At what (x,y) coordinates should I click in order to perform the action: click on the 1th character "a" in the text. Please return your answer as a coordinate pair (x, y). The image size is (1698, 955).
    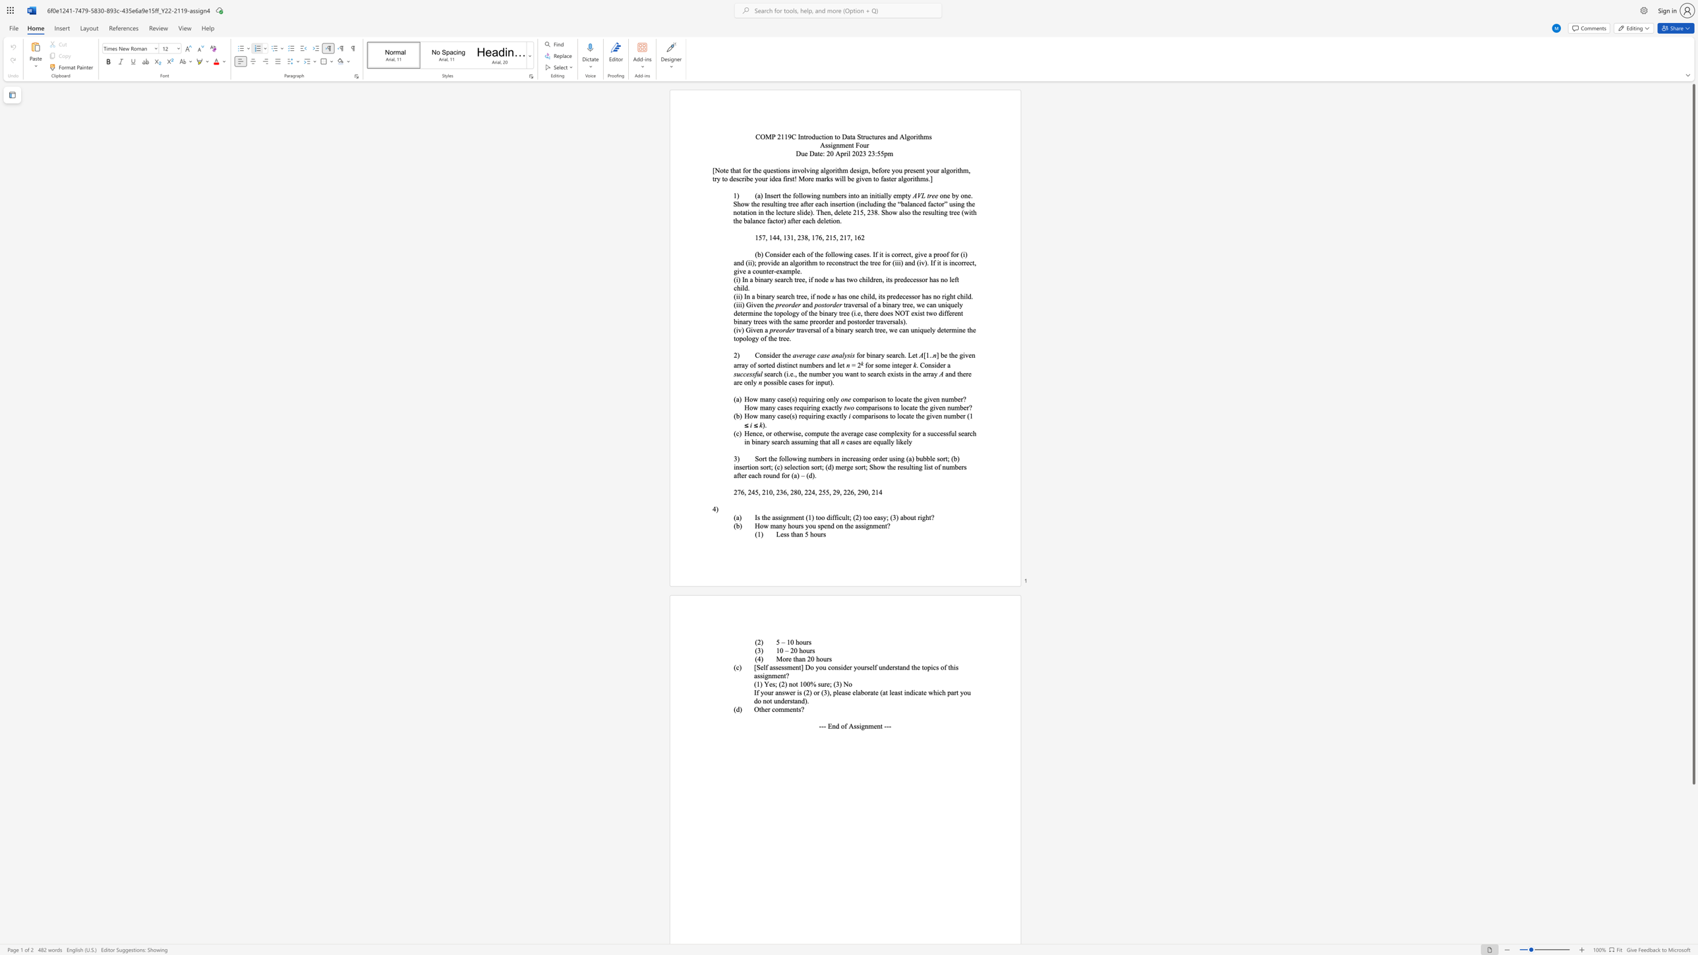
    Looking at the image, I should click on (842, 432).